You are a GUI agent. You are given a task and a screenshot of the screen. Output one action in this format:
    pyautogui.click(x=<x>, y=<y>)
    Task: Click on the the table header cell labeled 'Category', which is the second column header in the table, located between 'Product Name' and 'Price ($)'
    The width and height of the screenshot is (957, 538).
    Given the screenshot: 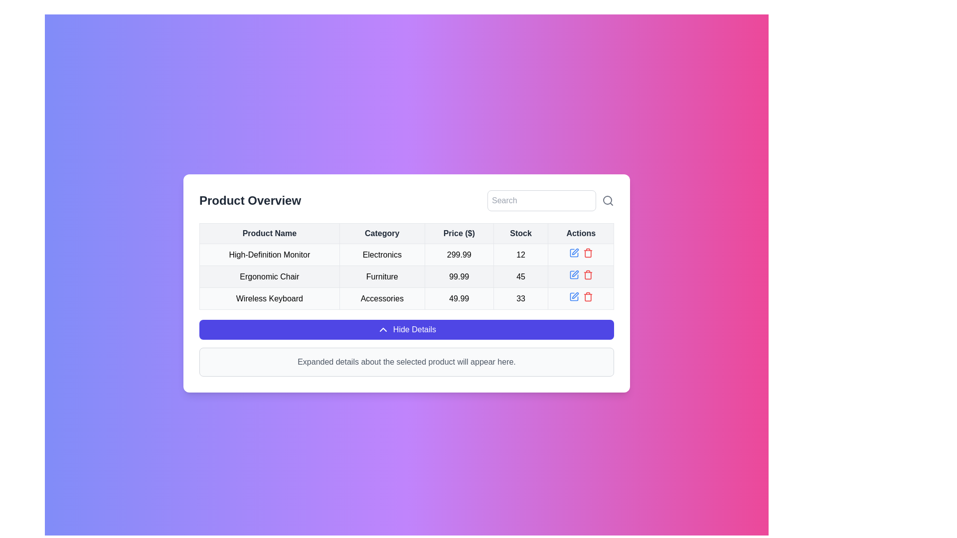 What is the action you would take?
    pyautogui.click(x=381, y=234)
    